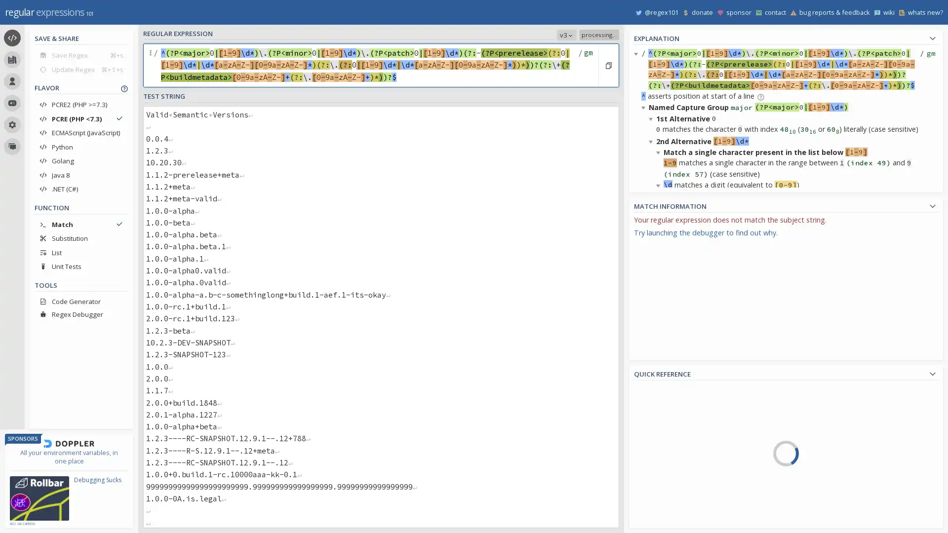  Describe the element at coordinates (652, 117) in the screenshot. I see `Collapse Subtree` at that location.